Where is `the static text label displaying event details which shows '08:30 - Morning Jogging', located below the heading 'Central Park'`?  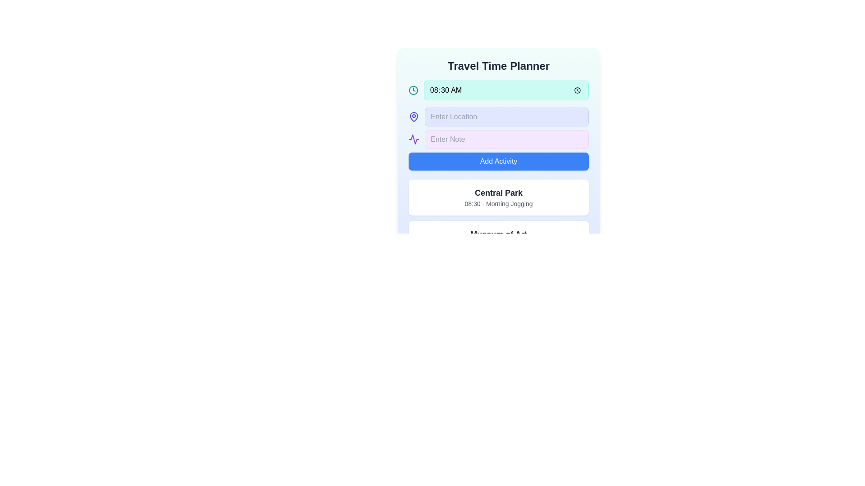 the static text label displaying event details which shows '08:30 - Morning Jogging', located below the heading 'Central Park' is located at coordinates (498, 203).